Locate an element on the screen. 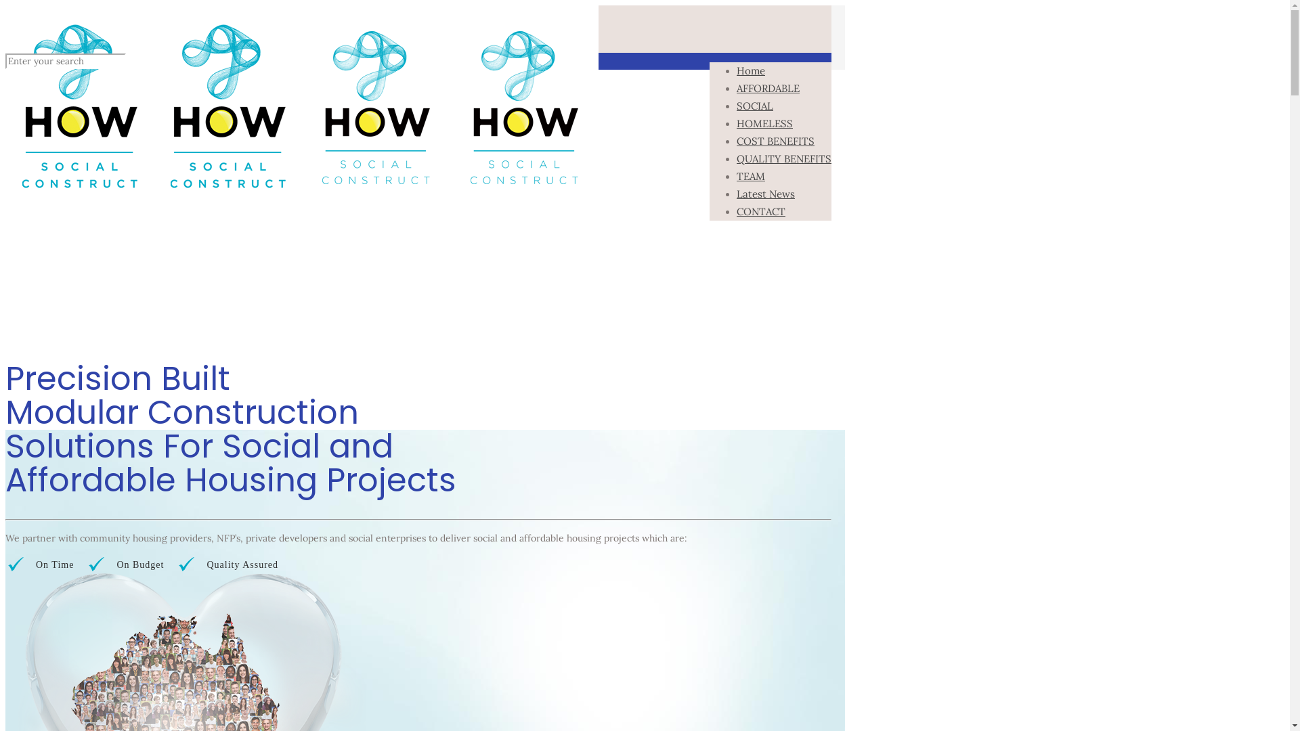 The height and width of the screenshot is (731, 1300). 'Latest News' is located at coordinates (766, 194).